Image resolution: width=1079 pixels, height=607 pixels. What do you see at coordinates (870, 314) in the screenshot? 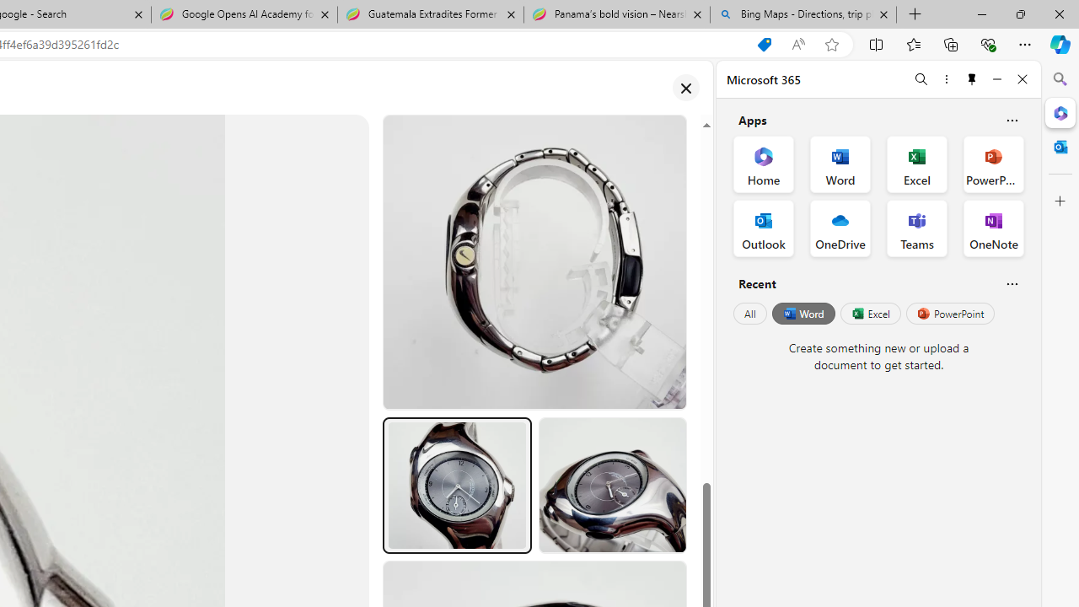
I see `'Excel'` at bounding box center [870, 314].